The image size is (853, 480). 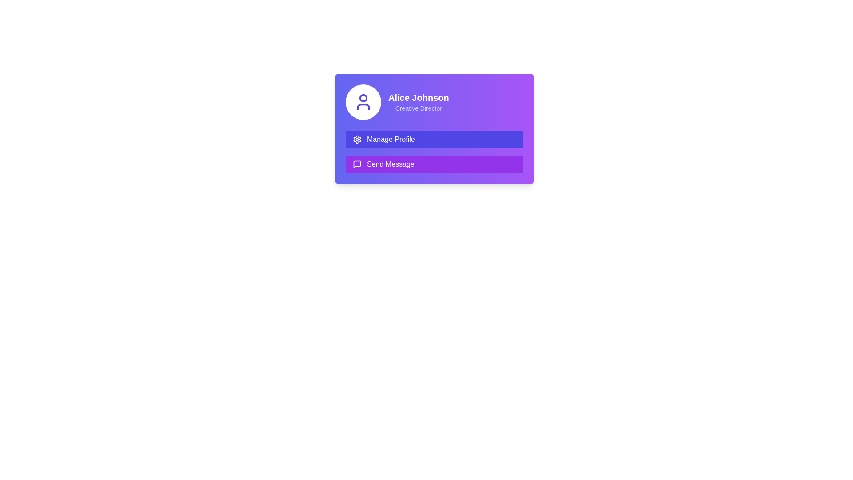 I want to click on the user profile icon, so click(x=363, y=102).